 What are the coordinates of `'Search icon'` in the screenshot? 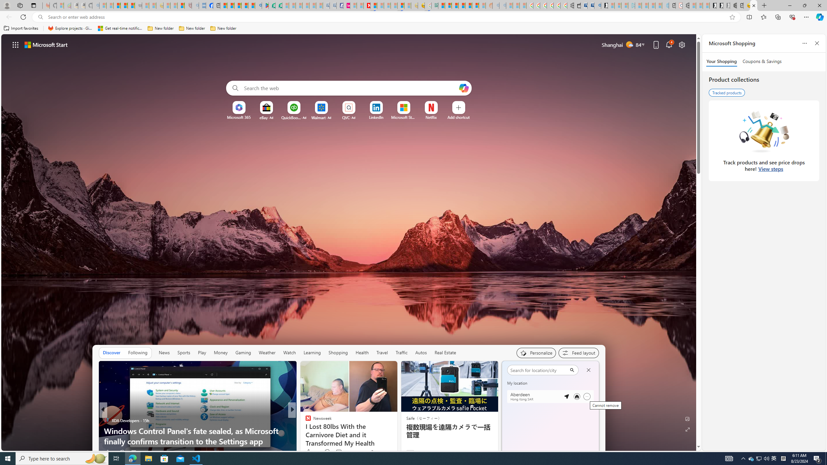 It's located at (40, 17).